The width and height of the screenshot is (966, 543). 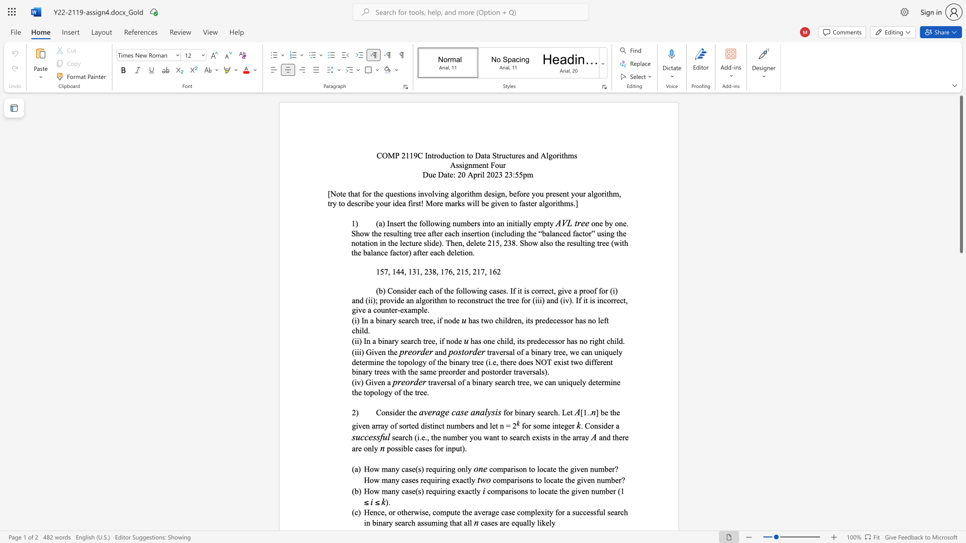 I want to click on the vertical scrollbar to lower the page content, so click(x=960, y=351).